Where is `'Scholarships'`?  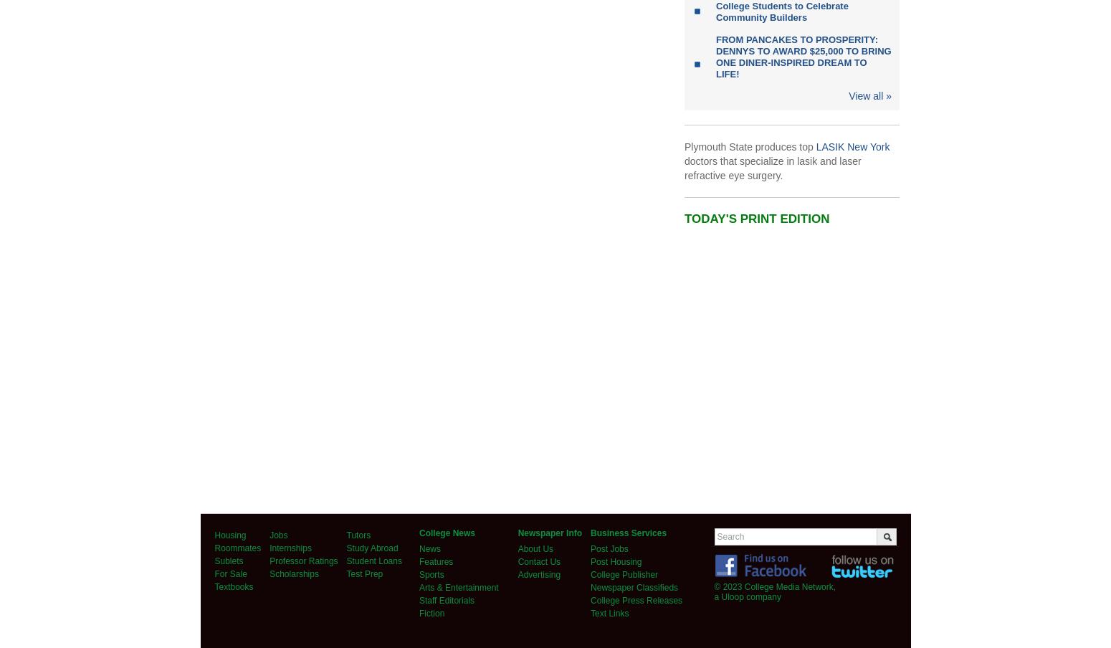
'Scholarships' is located at coordinates (269, 573).